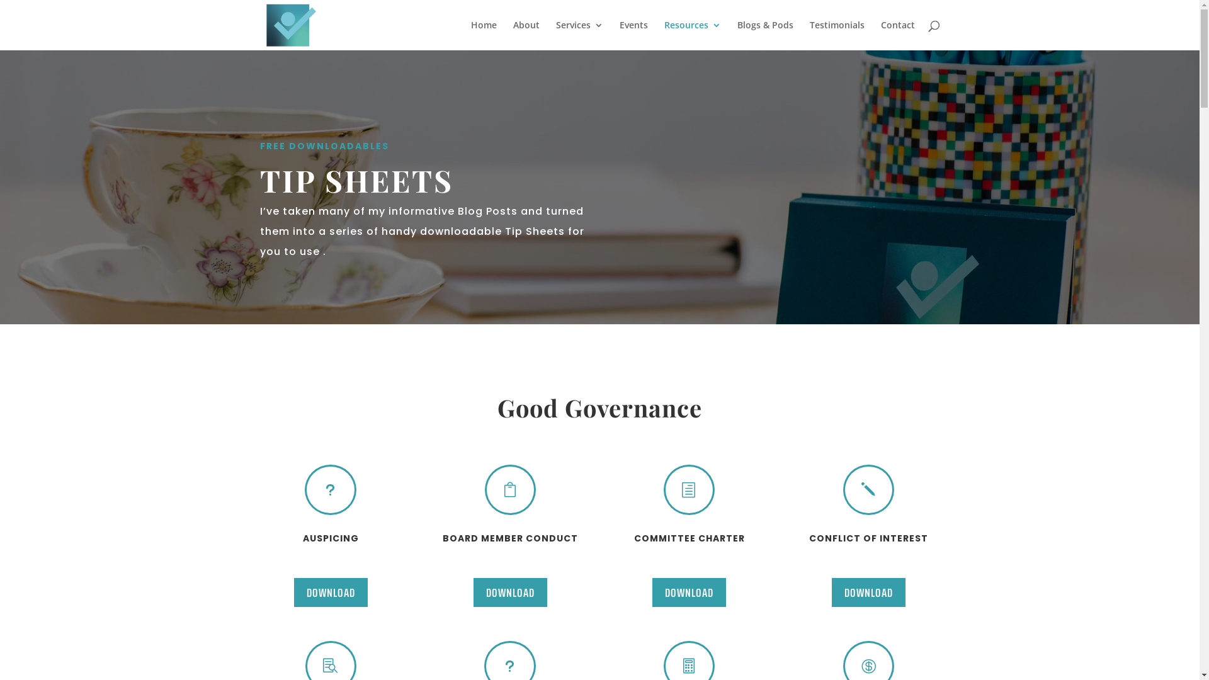 This screenshot has width=1209, height=680. Describe the element at coordinates (691, 35) in the screenshot. I see `'Resources'` at that location.